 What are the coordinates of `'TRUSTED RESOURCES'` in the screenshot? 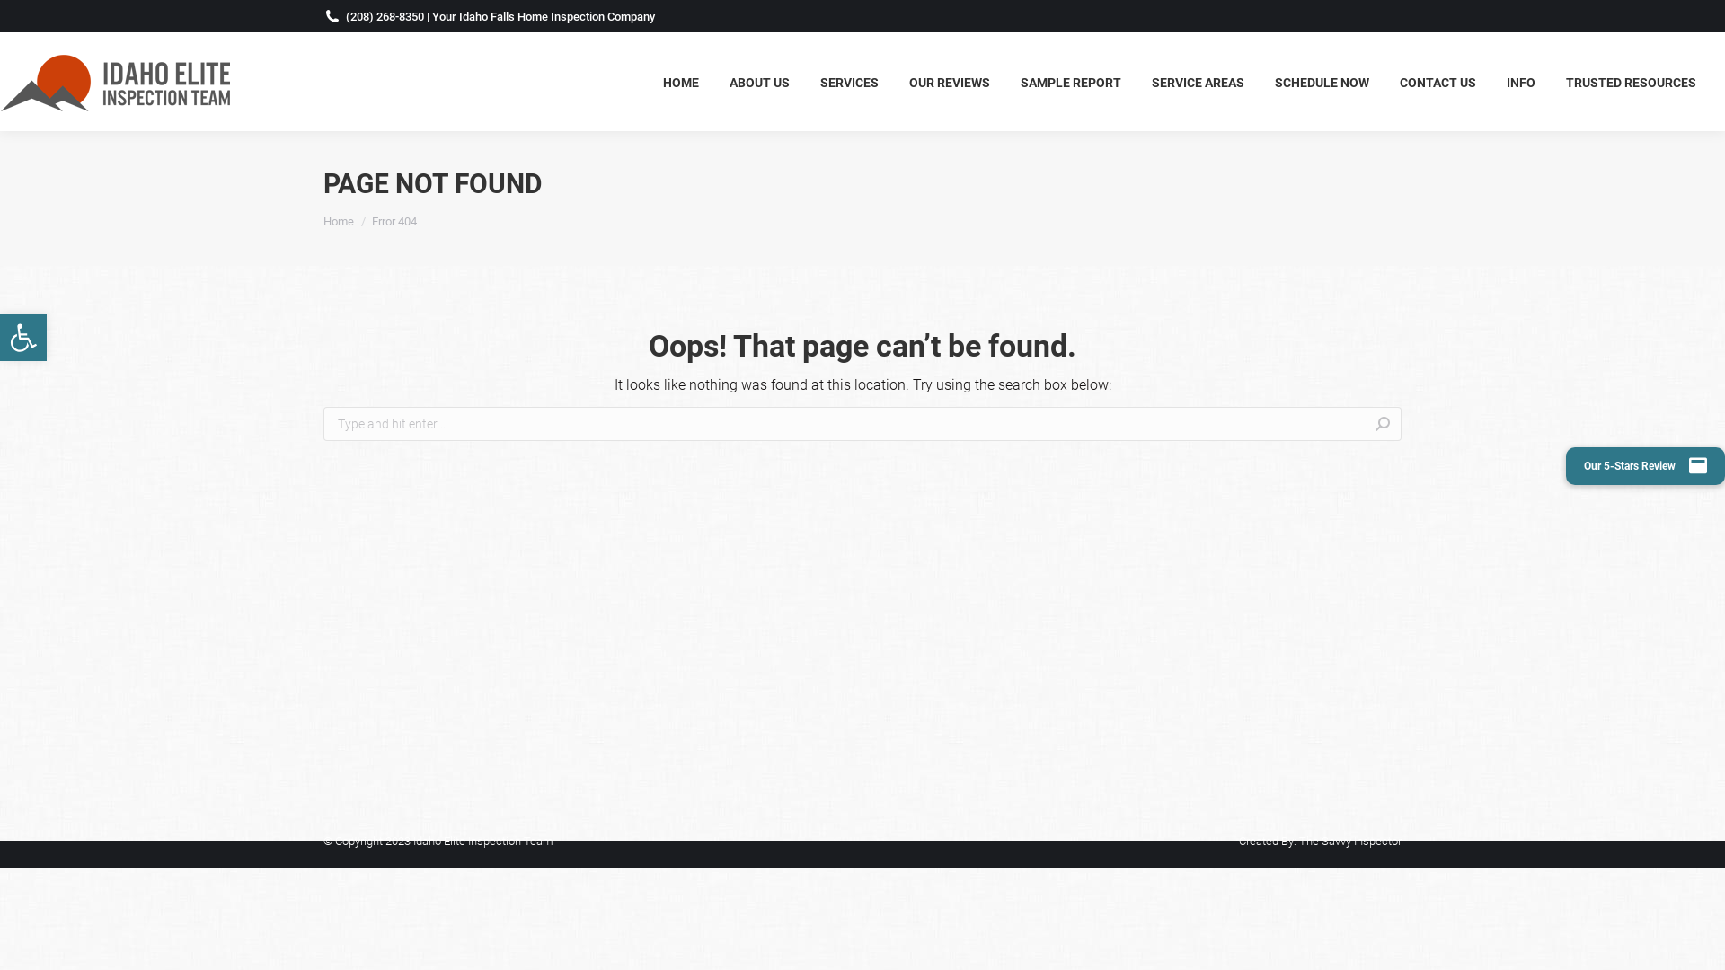 It's located at (1631, 82).